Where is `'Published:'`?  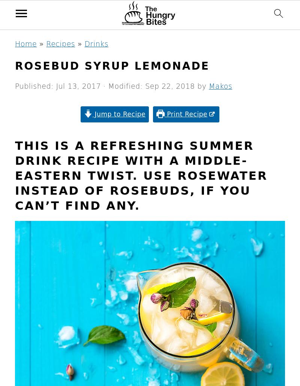 'Published:' is located at coordinates (35, 85).